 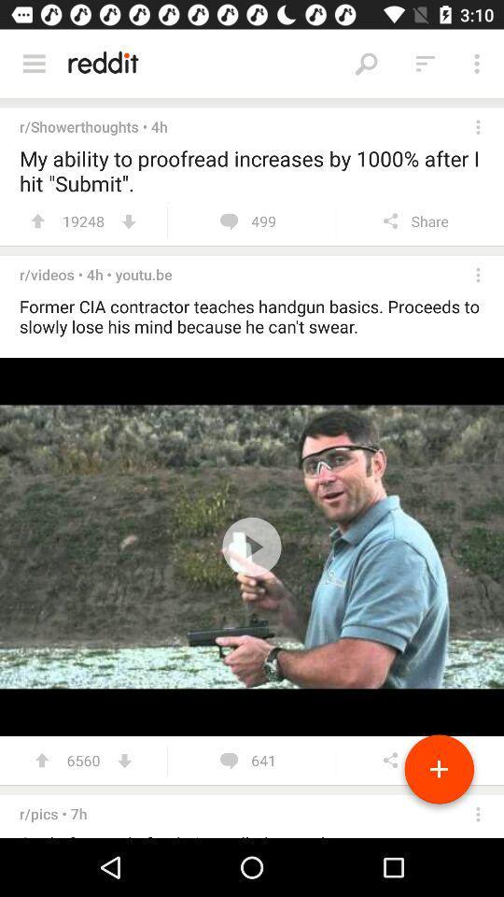 I want to click on the add icon, so click(x=439, y=773).